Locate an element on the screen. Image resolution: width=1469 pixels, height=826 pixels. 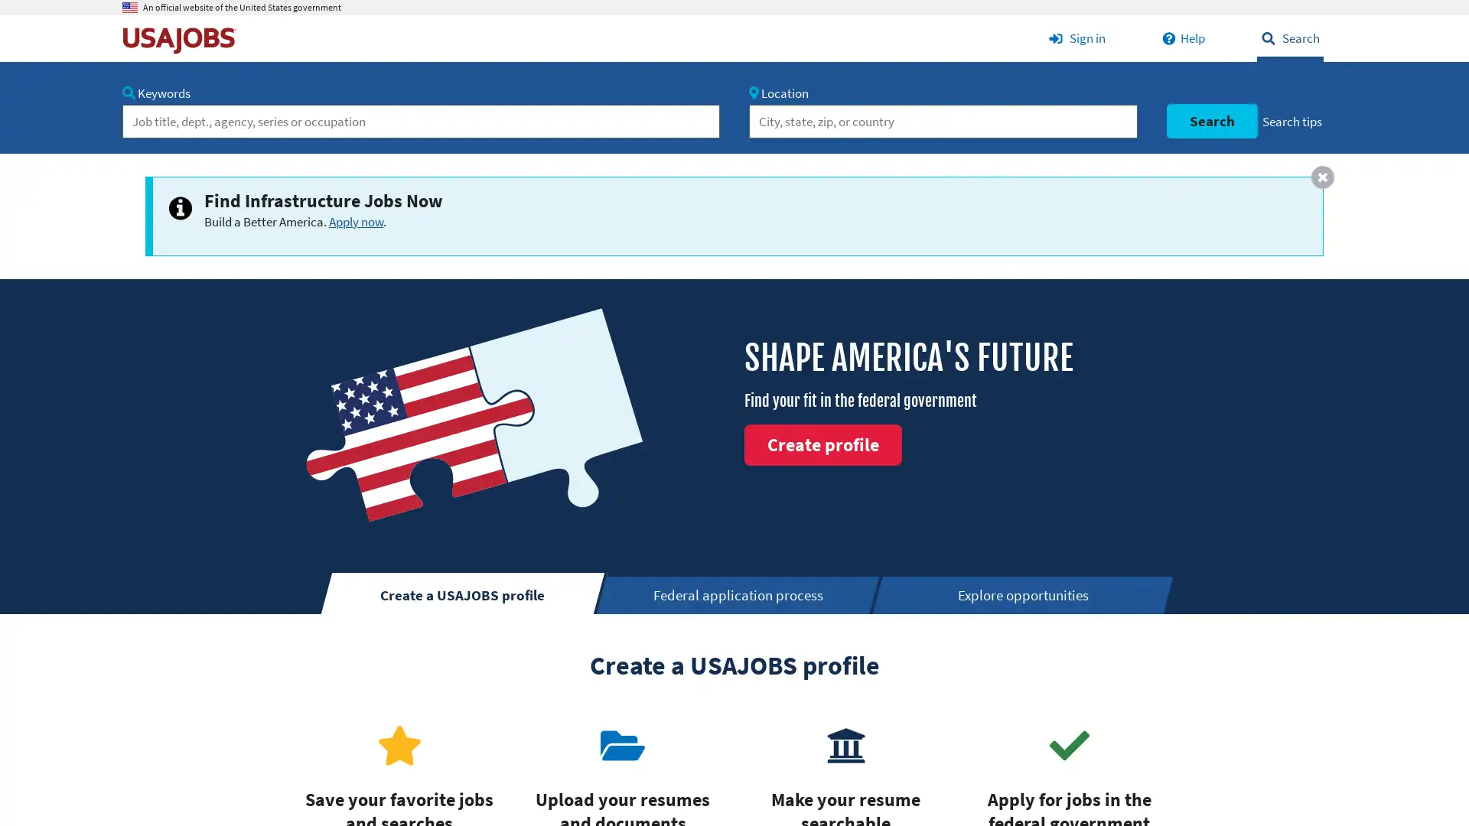
Explore opportunities is located at coordinates (1024, 594).